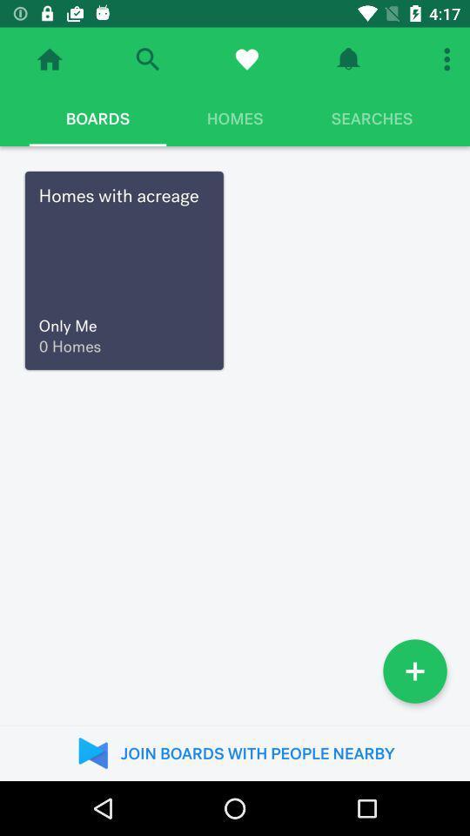 This screenshot has width=470, height=836. I want to click on navigate to home, so click(50, 59).